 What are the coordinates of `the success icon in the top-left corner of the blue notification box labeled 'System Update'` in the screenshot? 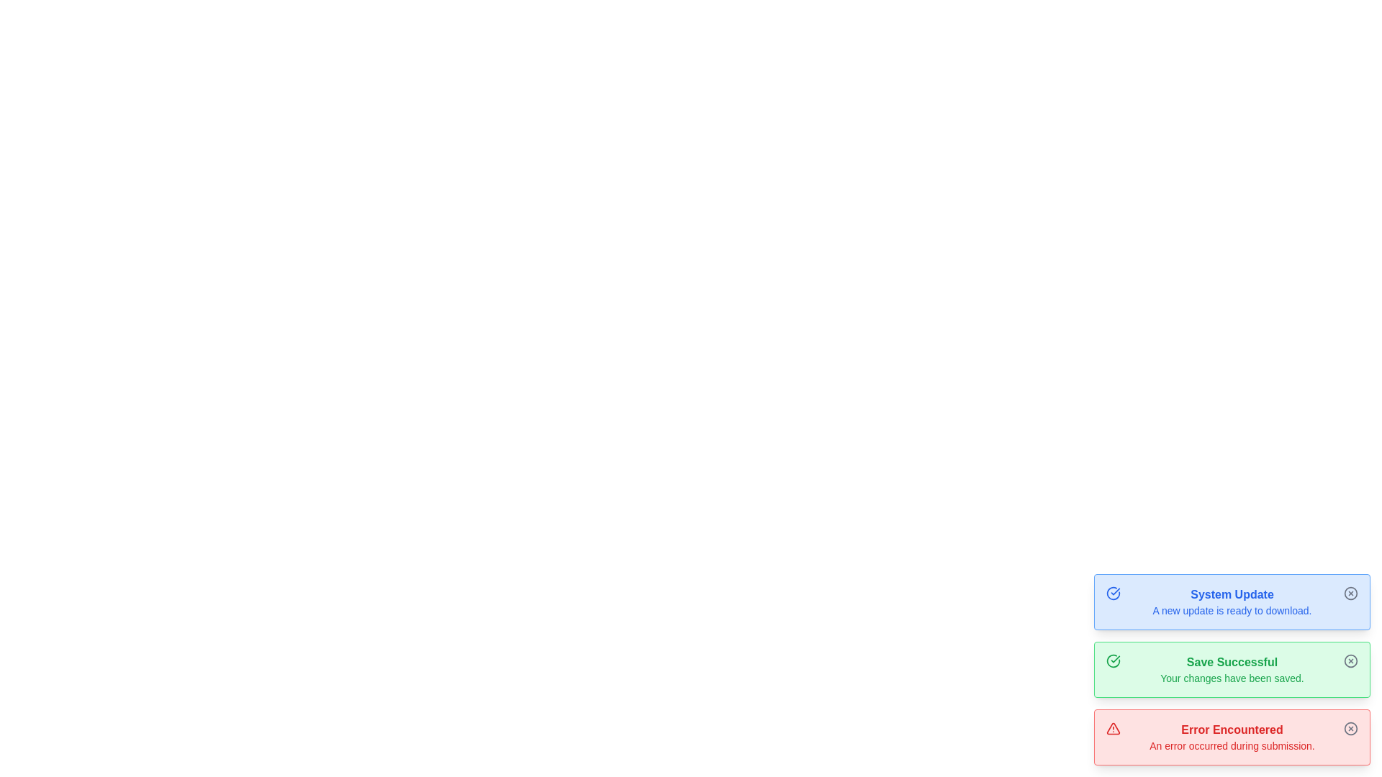 It's located at (1112, 594).